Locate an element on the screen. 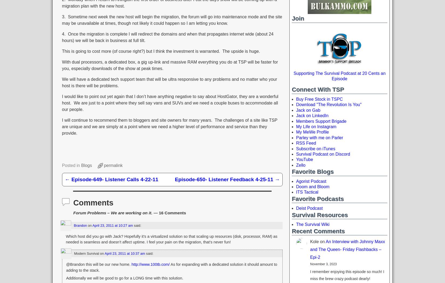 This screenshot has height=283, width=445. 'Comments' is located at coordinates (73, 202).